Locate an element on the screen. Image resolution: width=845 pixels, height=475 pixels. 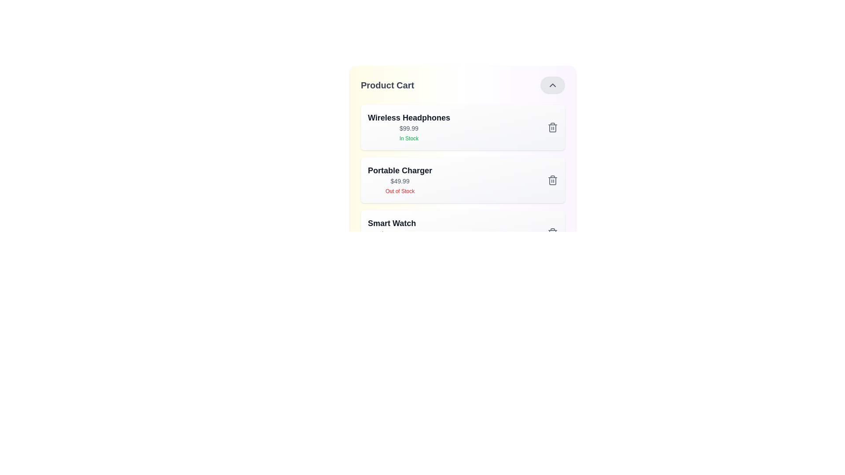
the details of the product Portable Charger is located at coordinates (399, 179).